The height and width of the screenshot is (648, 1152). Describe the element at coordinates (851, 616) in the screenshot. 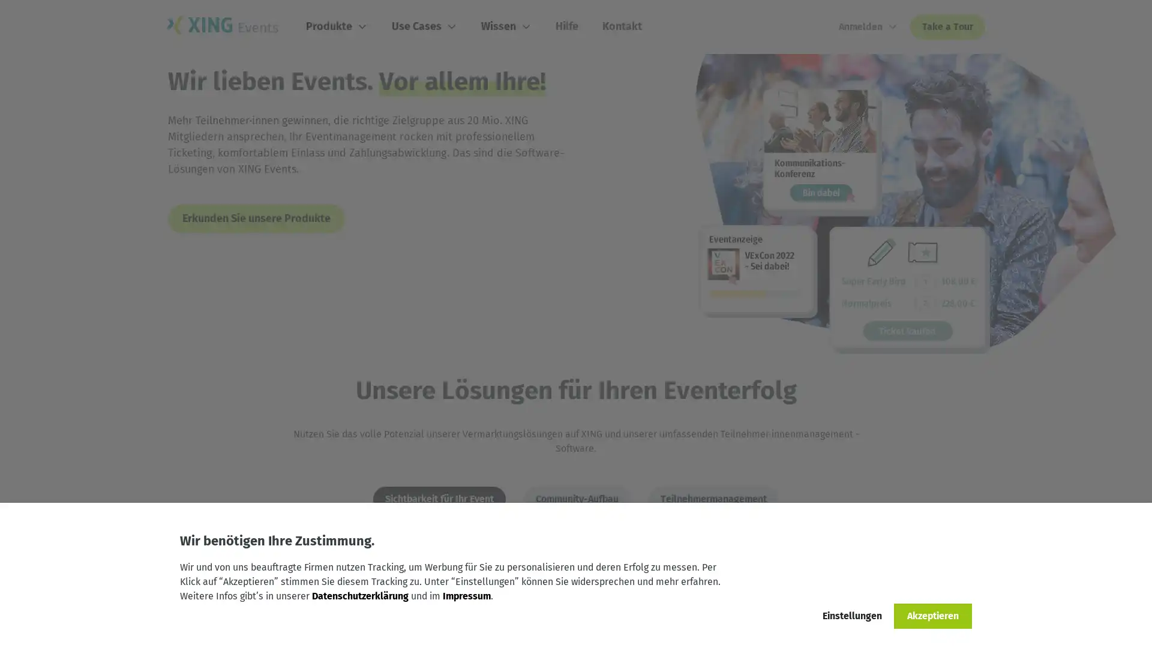

I see `Einstellungen` at that location.